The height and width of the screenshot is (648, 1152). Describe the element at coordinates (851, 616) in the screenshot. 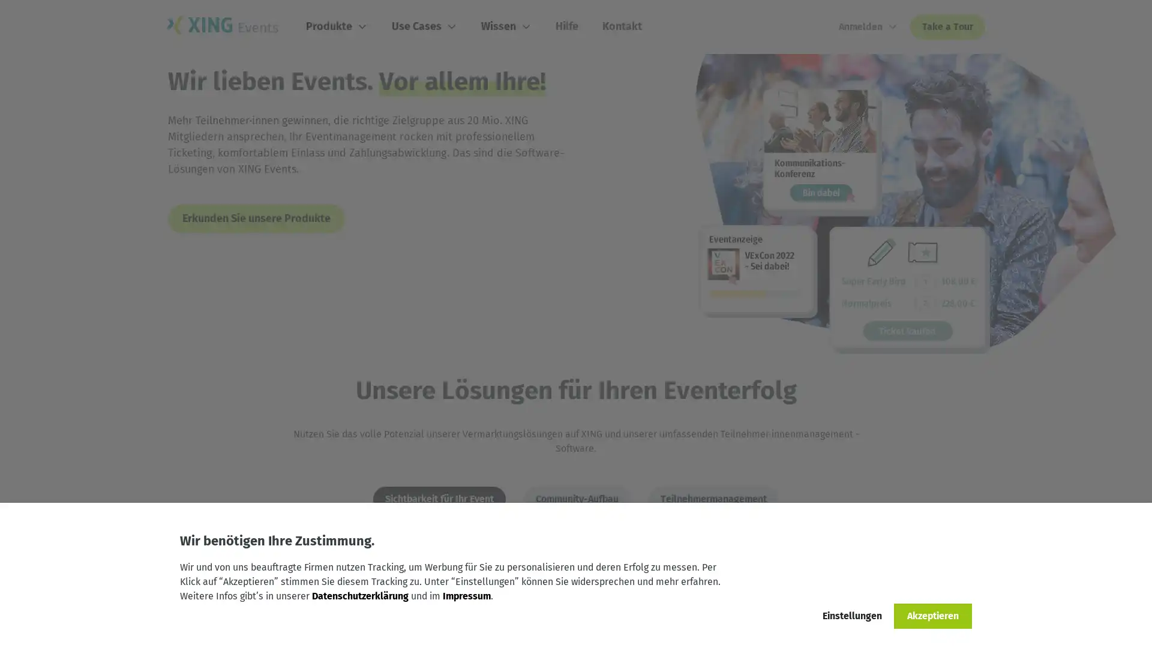

I see `Einstellungen` at that location.